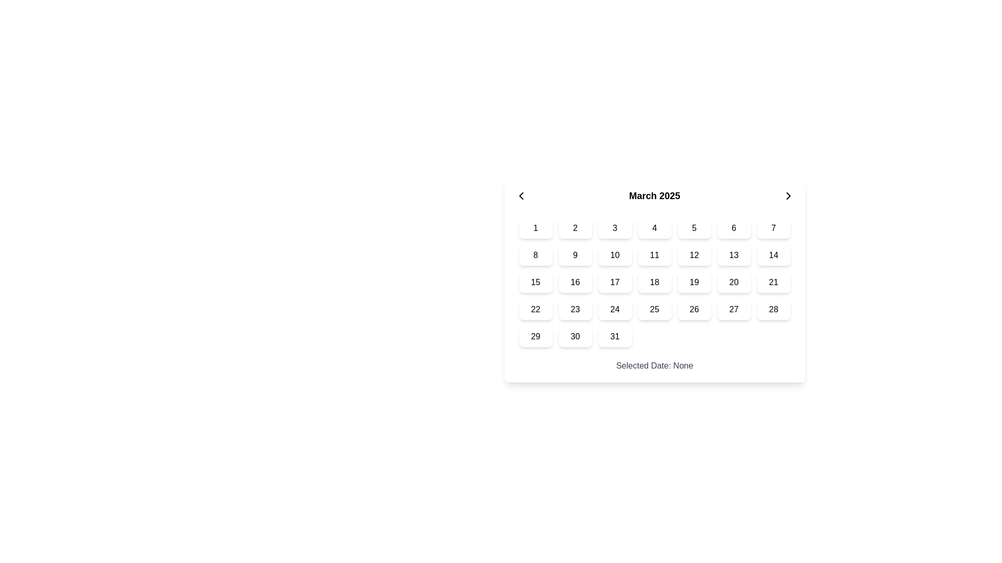 This screenshot has height=563, width=1002. Describe the element at coordinates (733, 283) in the screenshot. I see `the 20th button in the calendar interface` at that location.